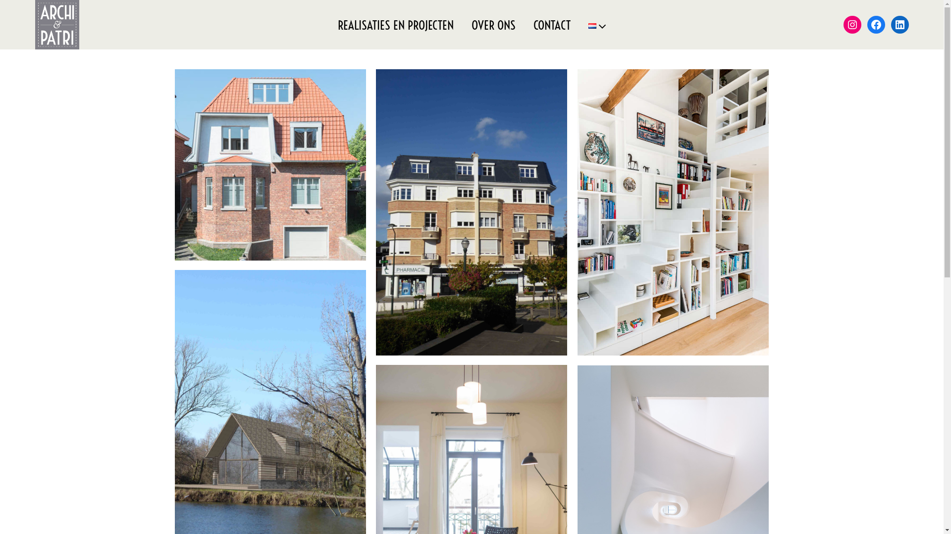 This screenshot has width=951, height=534. Describe the element at coordinates (891, 24) in the screenshot. I see `'LinkedIn'` at that location.